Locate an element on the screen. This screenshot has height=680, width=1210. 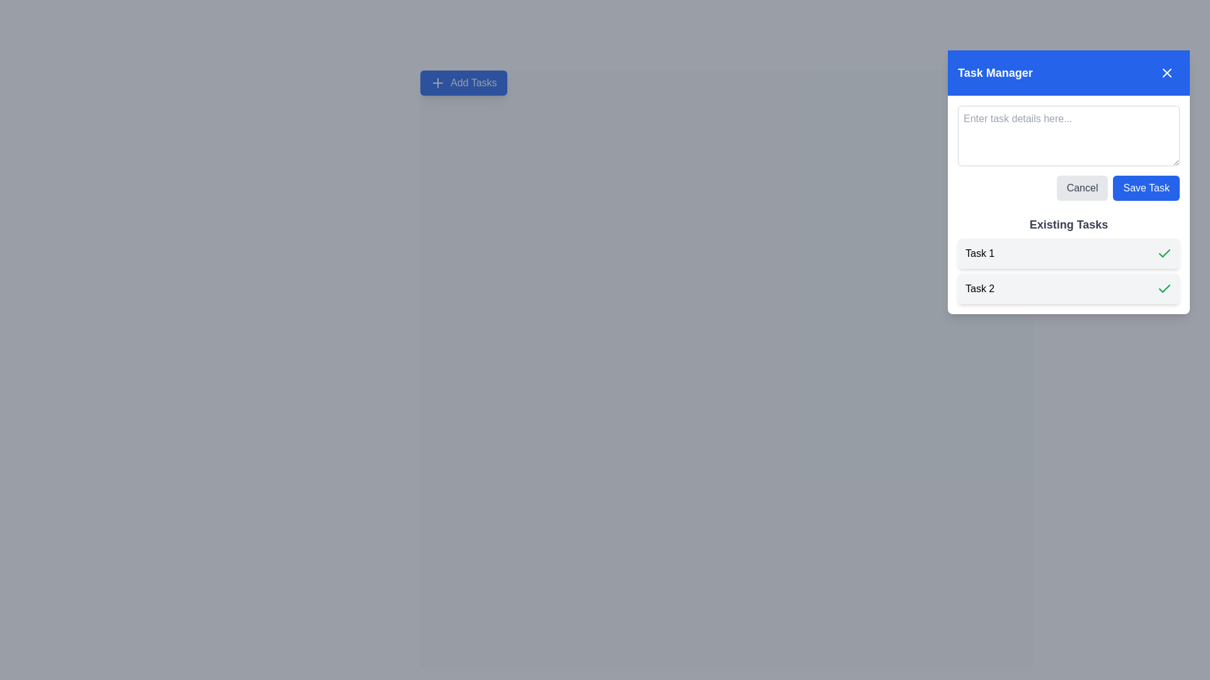
the 'Add Tasks' button located at the upper-left portion of the interface, which contains the label 'Add Tasks' and is positioned to the right of a small plus-shaped icon is located at coordinates (473, 82).